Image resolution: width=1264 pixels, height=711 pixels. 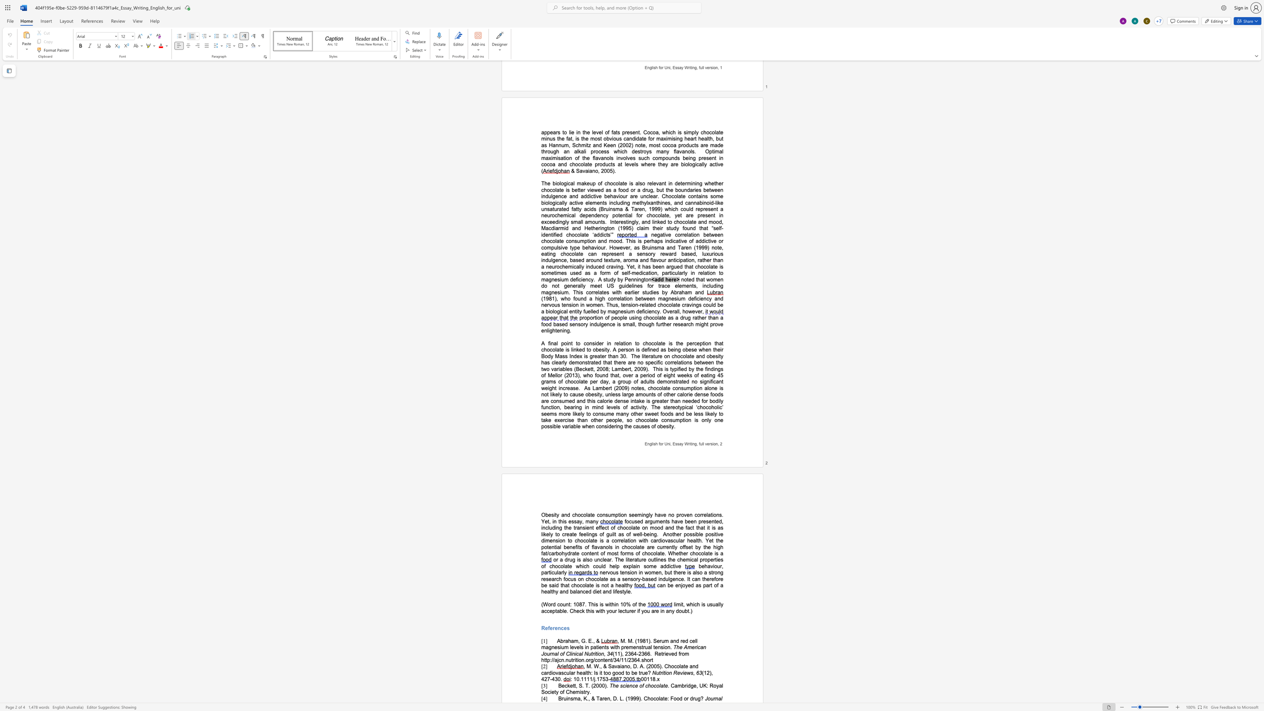 I want to click on the space between the continuous character "2" and ")" in the text, so click(x=710, y=672).